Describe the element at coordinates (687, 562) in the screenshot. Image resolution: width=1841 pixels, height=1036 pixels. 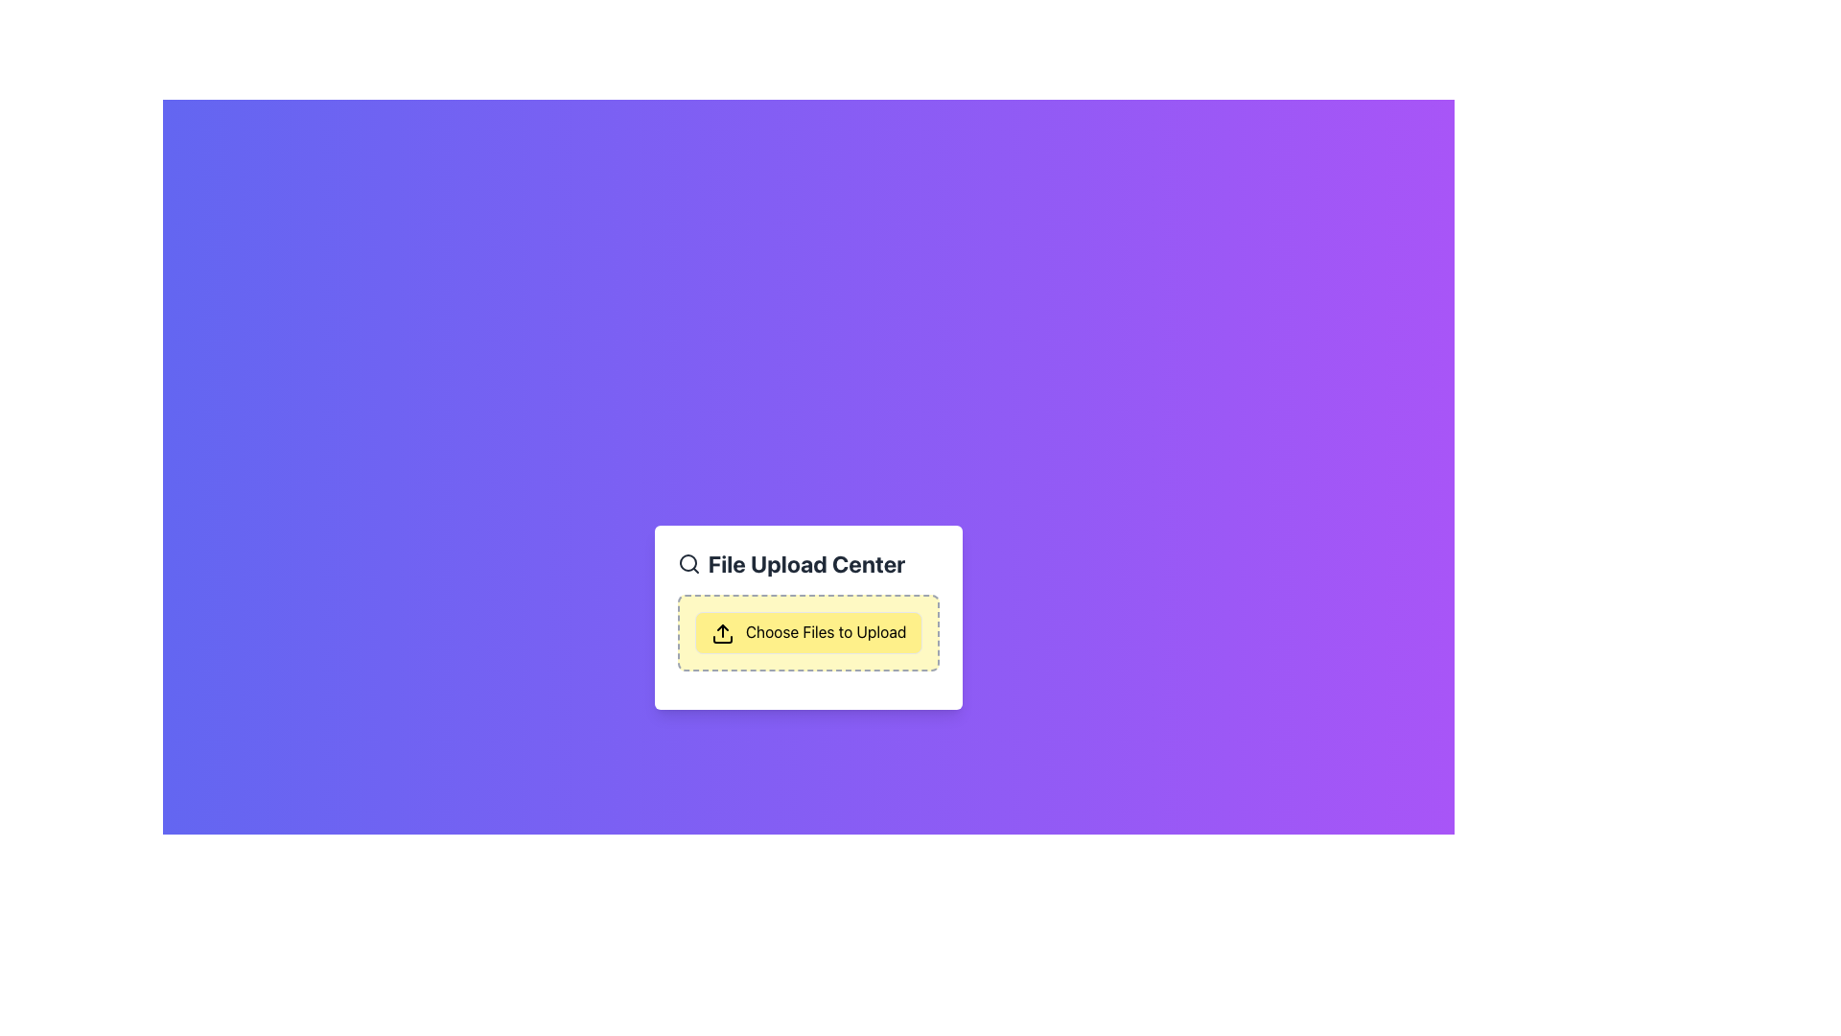
I see `the decorative graphic representing the circle within the magnifying glass symbol, which denotes search functionality, located to the left of the 'File Upload Center' text` at that location.